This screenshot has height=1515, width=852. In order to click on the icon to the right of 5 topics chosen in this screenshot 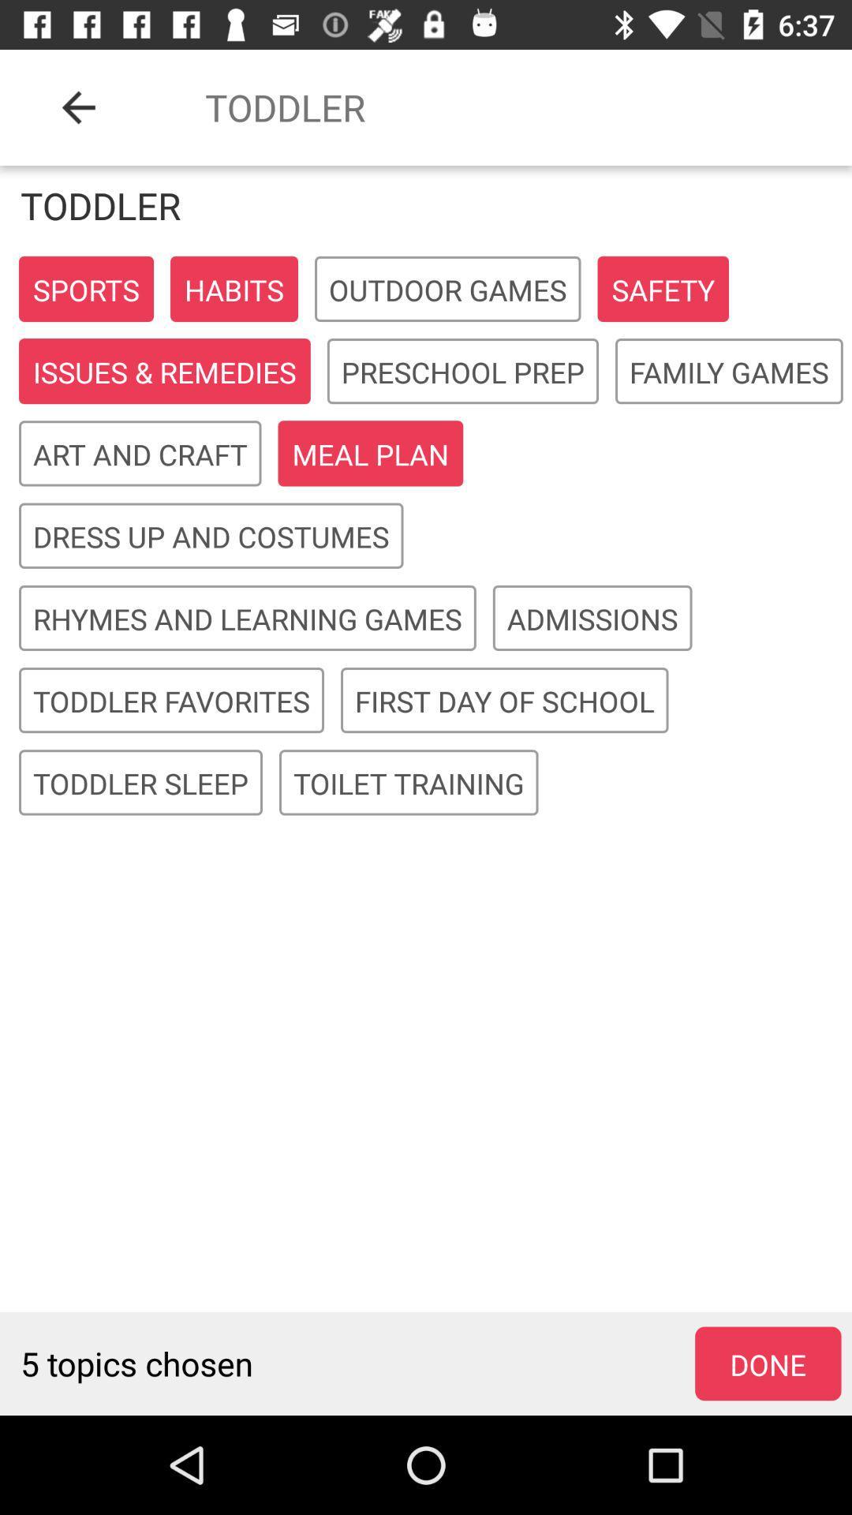, I will do `click(767, 1363)`.